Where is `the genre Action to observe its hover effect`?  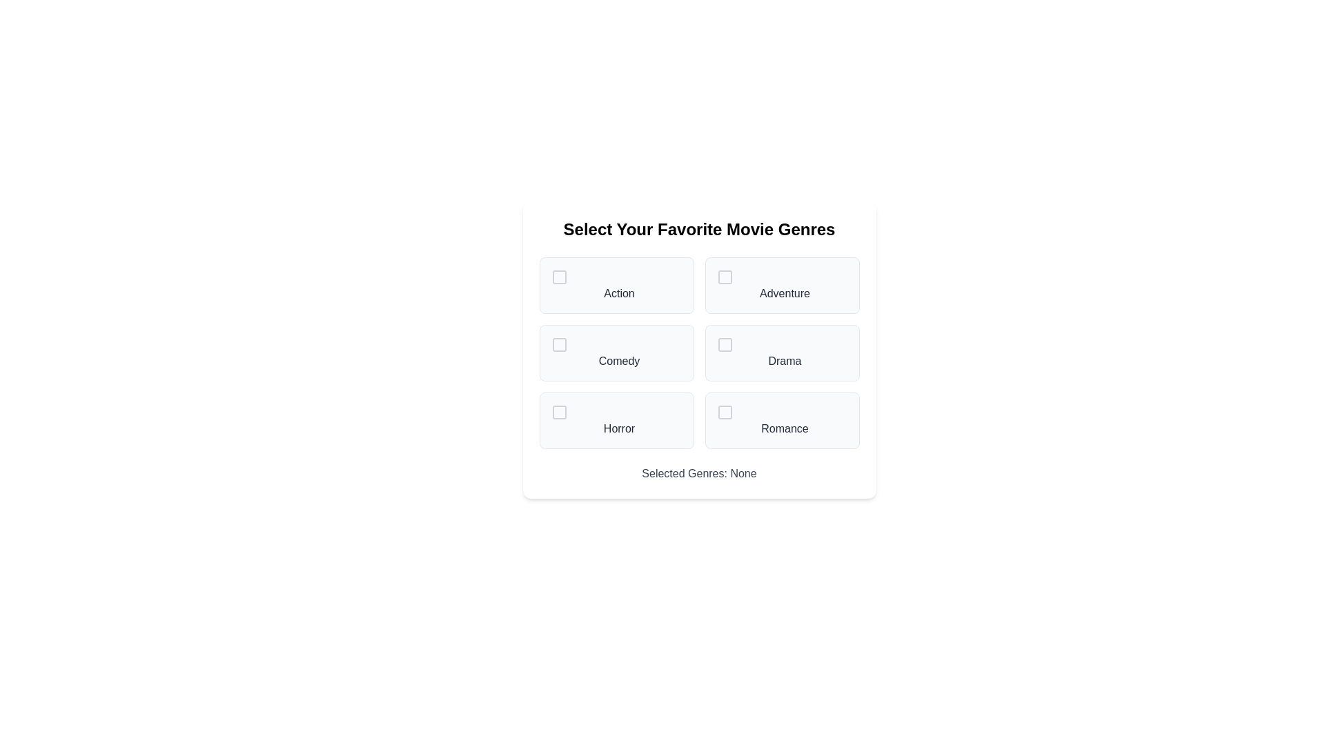
the genre Action to observe its hover effect is located at coordinates (616, 284).